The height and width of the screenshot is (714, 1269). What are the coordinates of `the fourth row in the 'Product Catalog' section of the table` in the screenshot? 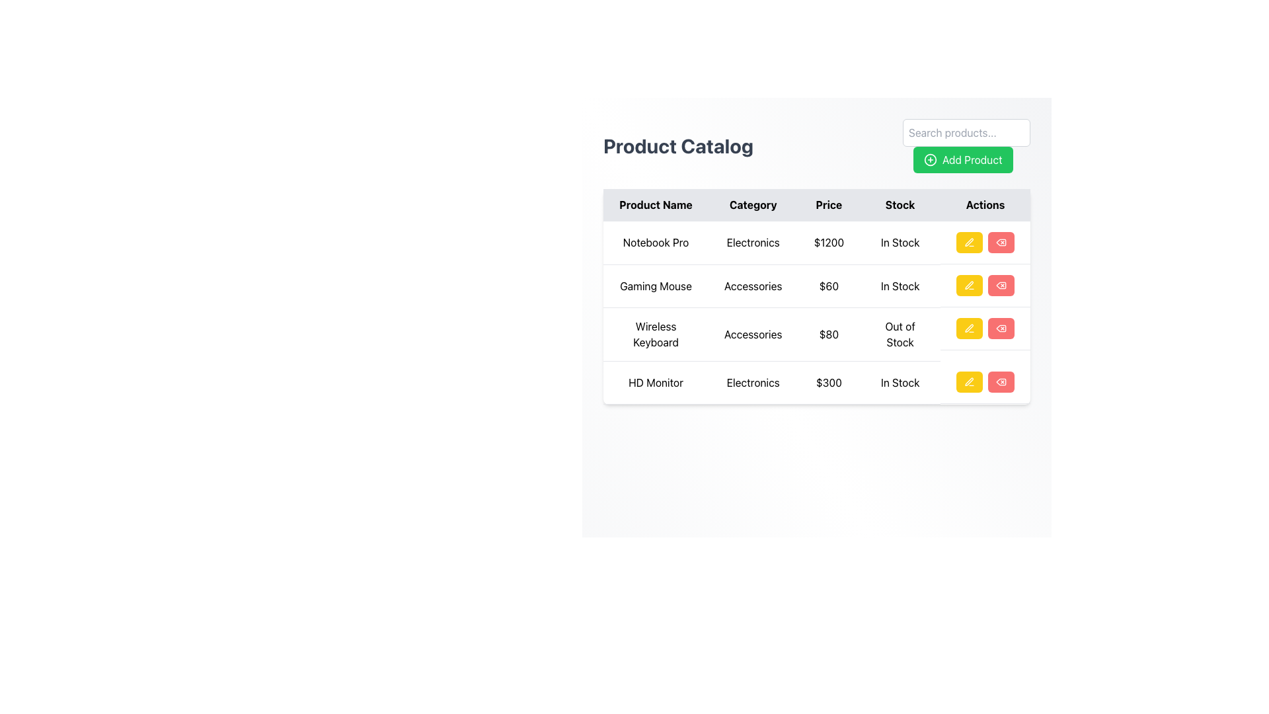 It's located at (816, 382).